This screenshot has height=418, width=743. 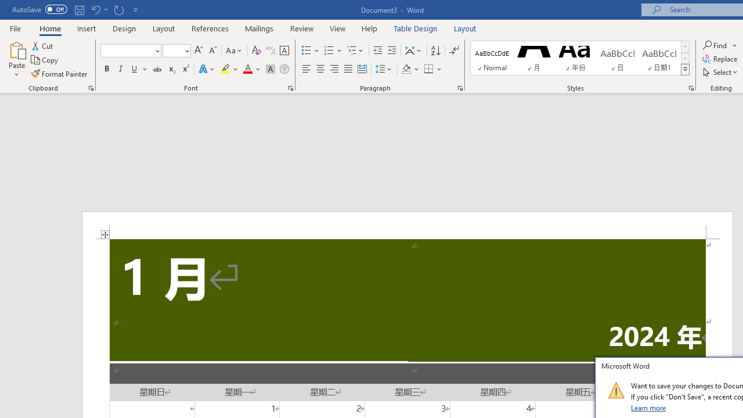 I want to click on 'Enclose Characters...', so click(x=284, y=69).